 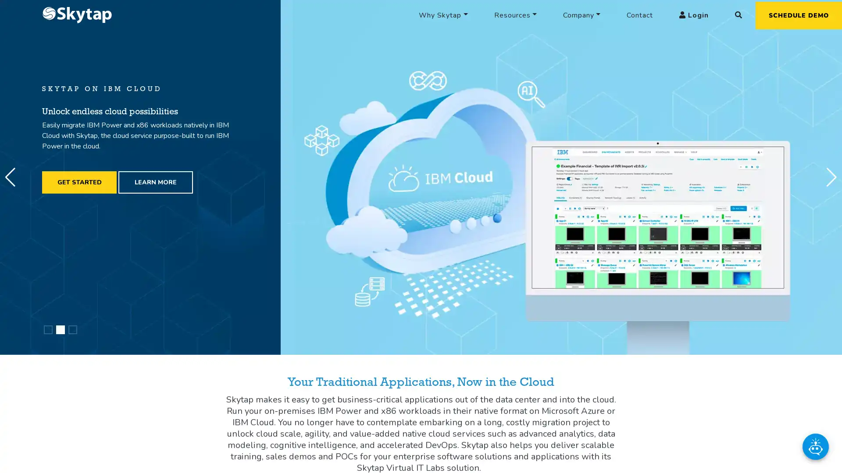 I want to click on Previous slide, so click(x=10, y=177).